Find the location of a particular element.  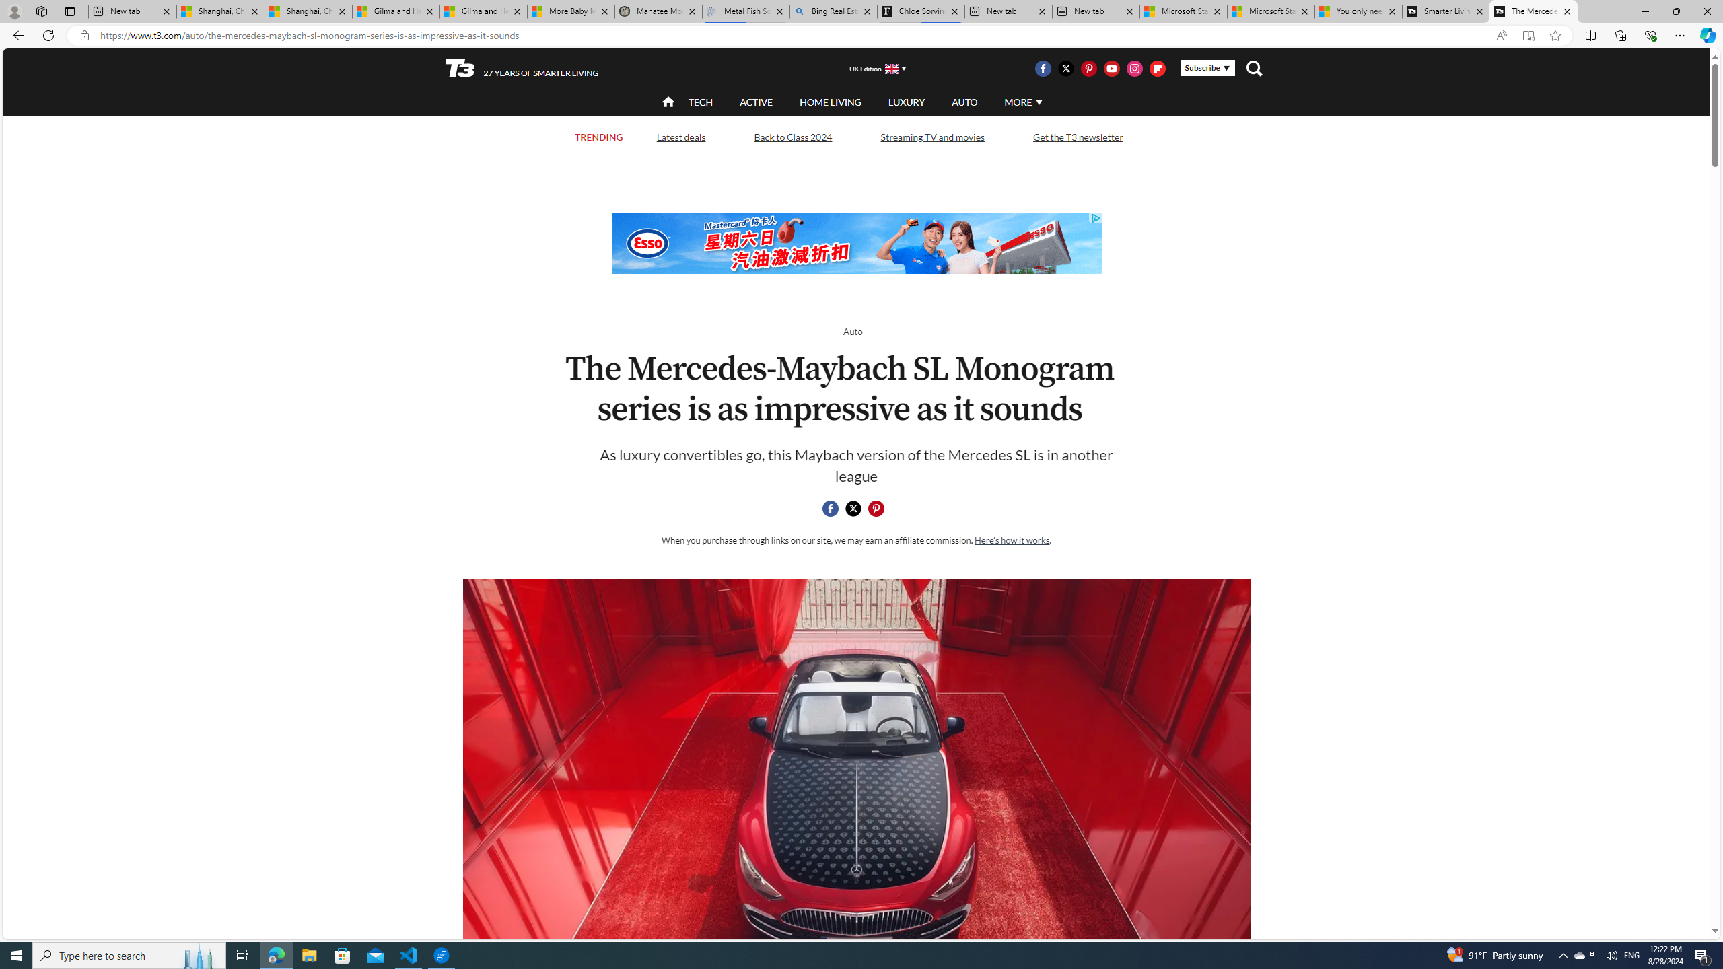

'UK Edition' is located at coordinates (872, 69).